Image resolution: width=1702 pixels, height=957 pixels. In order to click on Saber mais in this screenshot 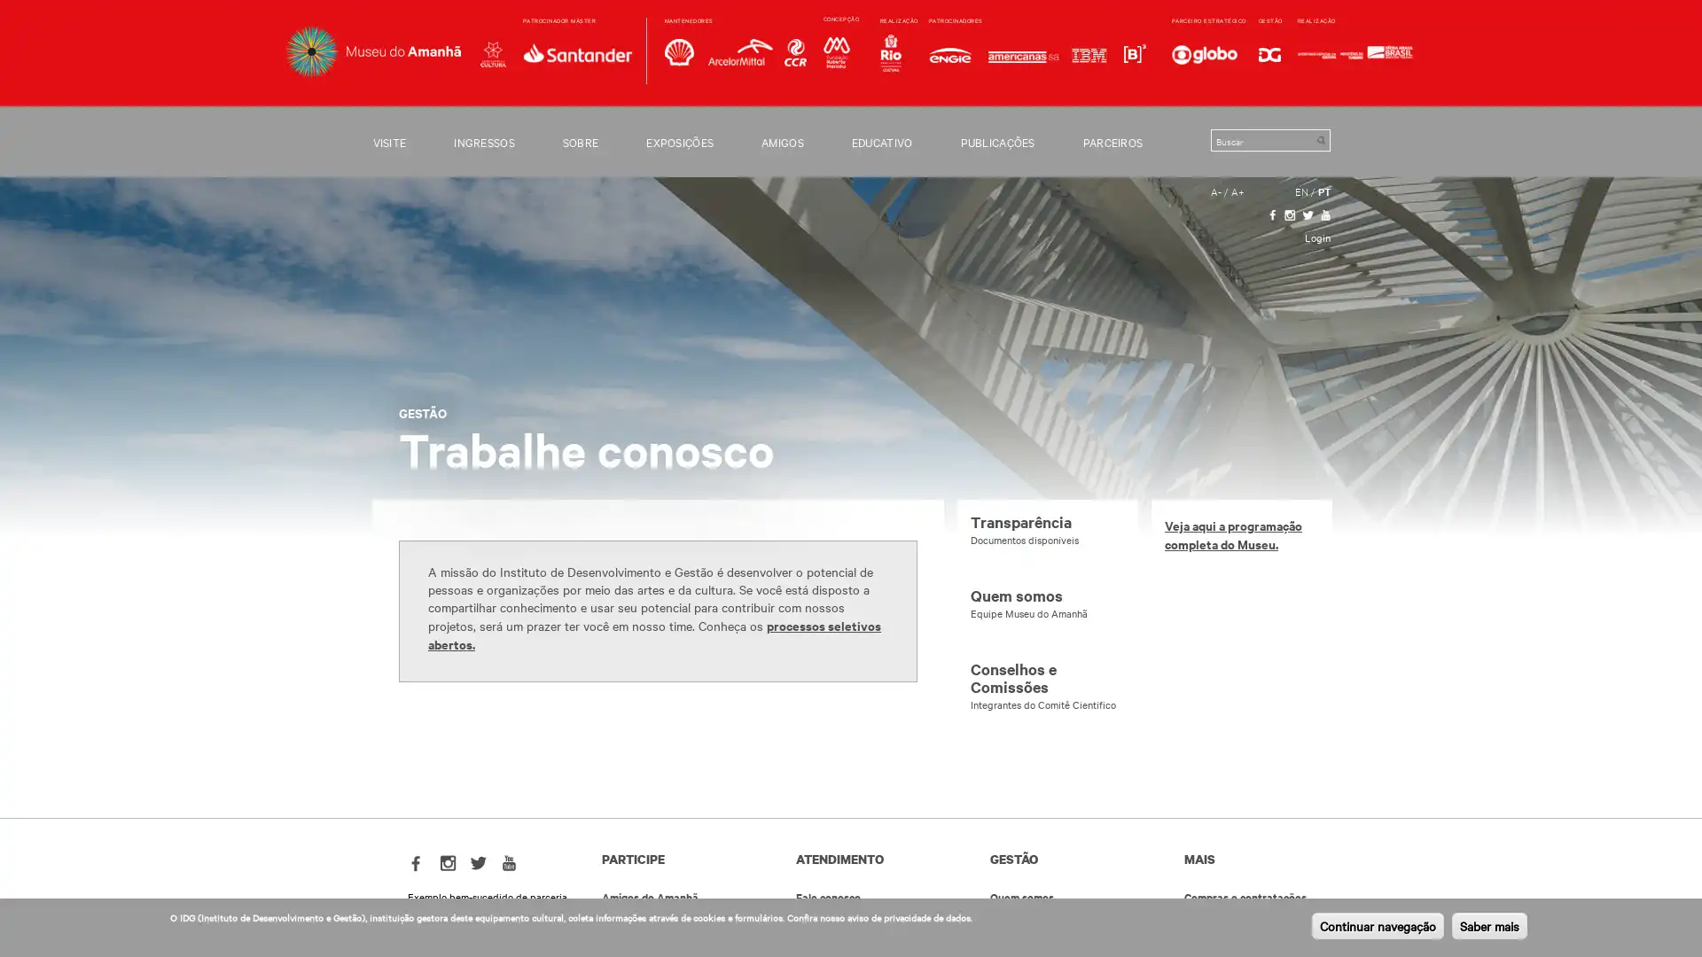, I will do `click(1489, 925)`.